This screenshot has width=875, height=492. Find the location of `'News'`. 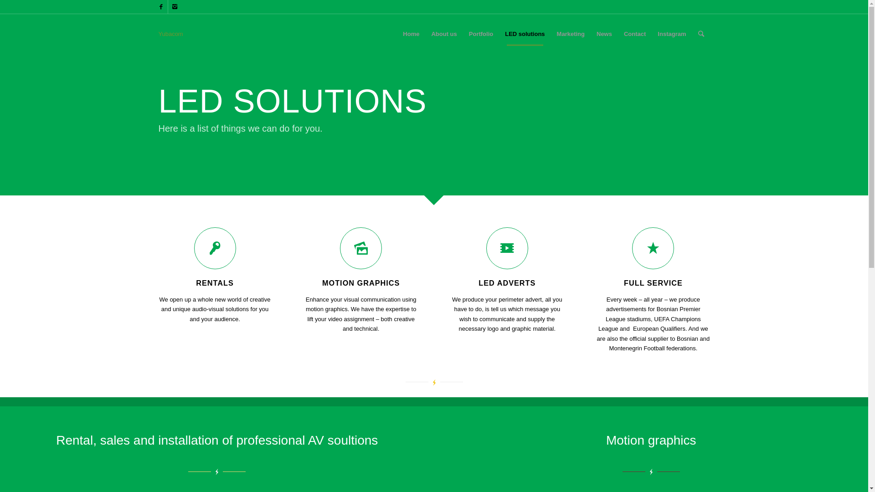

'News' is located at coordinates (604, 33).